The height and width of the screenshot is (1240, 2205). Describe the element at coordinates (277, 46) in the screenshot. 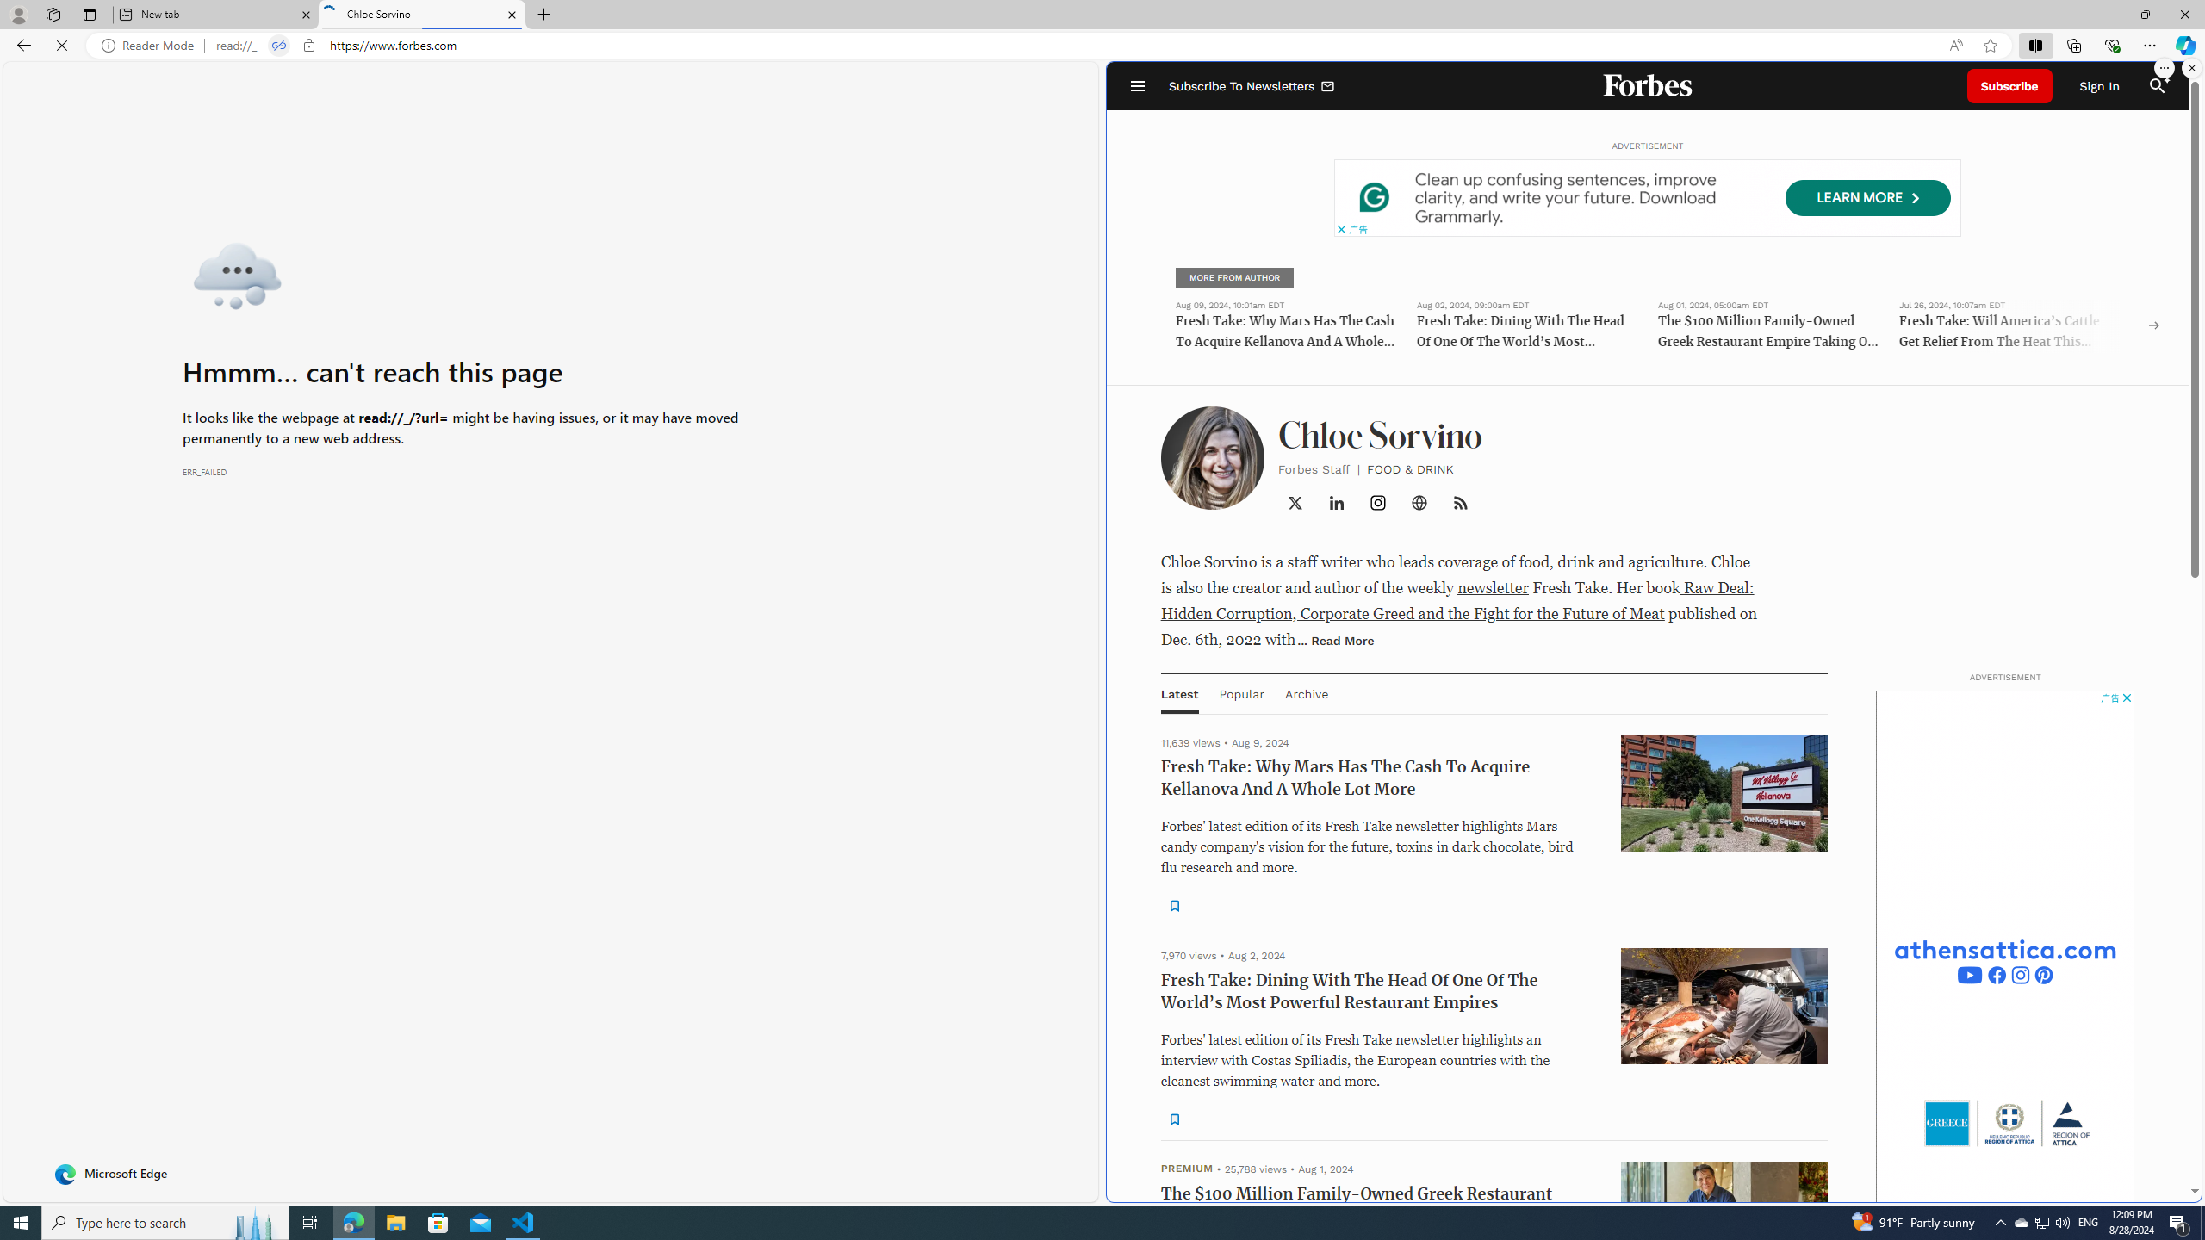

I see `'Tabs in split screen'` at that location.